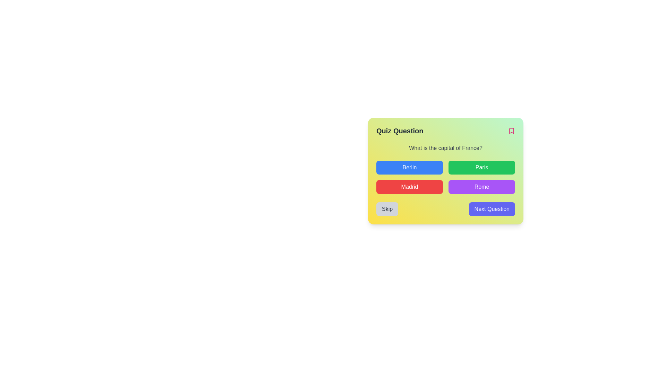 This screenshot has height=374, width=666. What do you see at coordinates (481, 167) in the screenshot?
I see `the button labeled 'Paris', which is a green button with white text, to trigger its hover state` at bounding box center [481, 167].